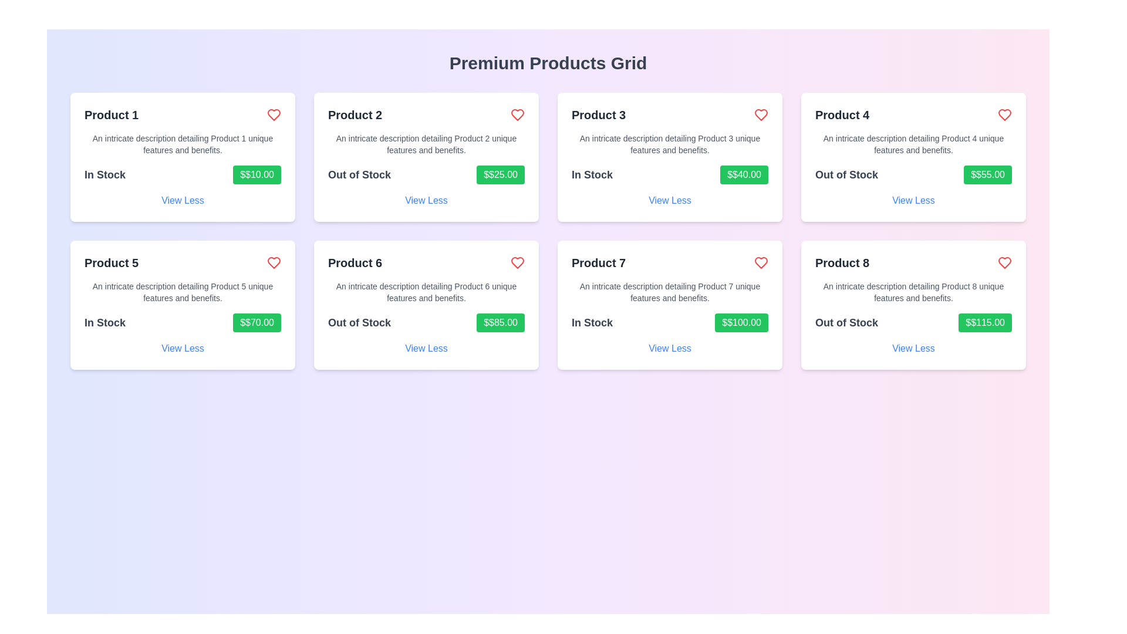  What do you see at coordinates (670, 291) in the screenshot?
I see `the text block that describes the unique features and benefits of 'Product 7', which is styled with a small, lighter gray font and is located within a white card layout in the second row, third column of the grid` at bounding box center [670, 291].